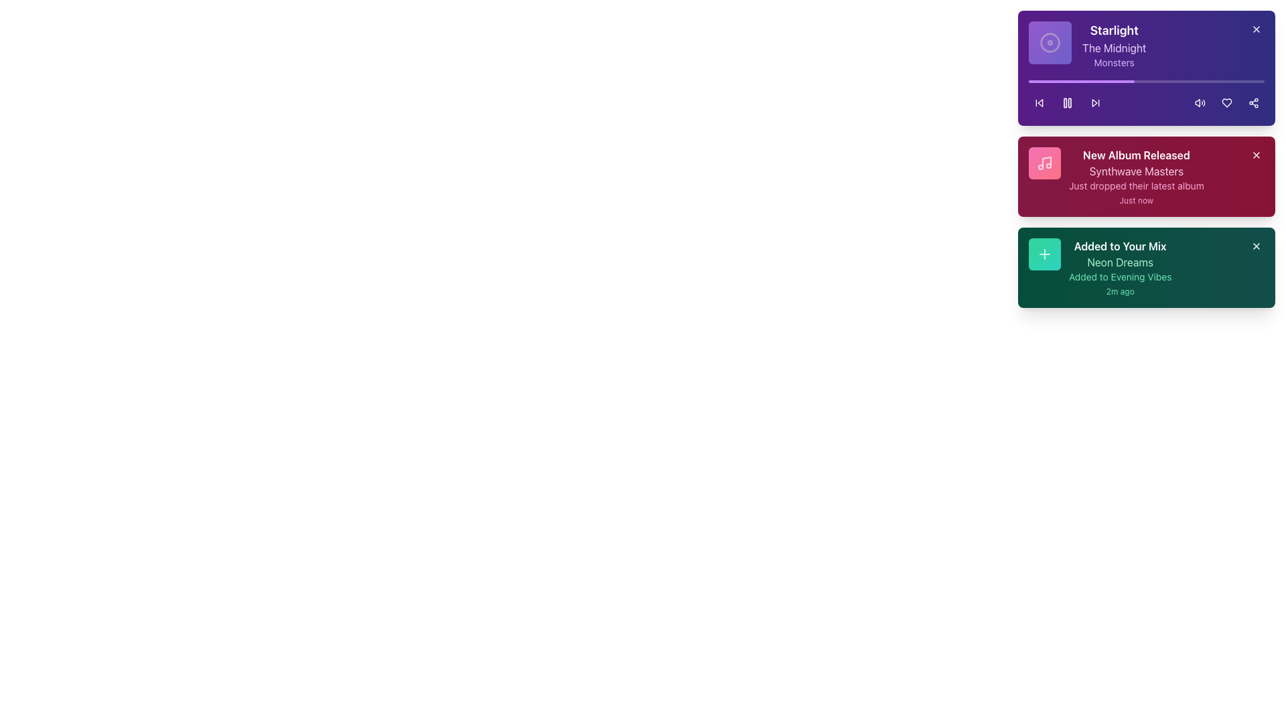  I want to click on the SVG icon in the top notification card titled 'Starlight', which serves as a visual identifier for playback or identification, located at the left-middle portion of the card, so click(1050, 42).